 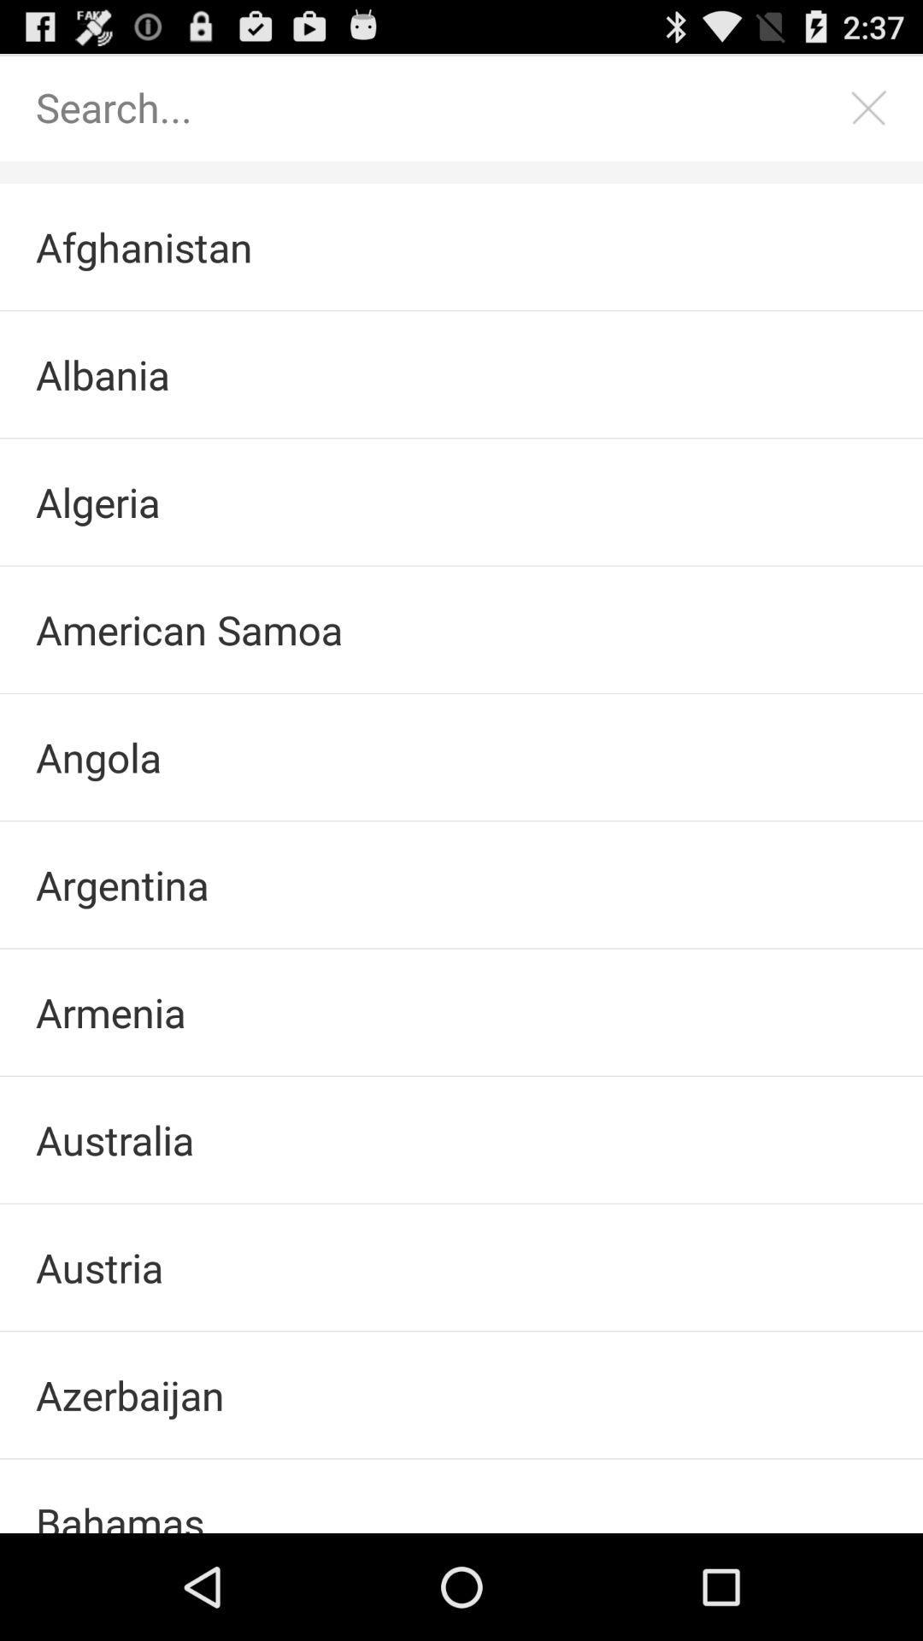 I want to click on albania, so click(x=461, y=373).